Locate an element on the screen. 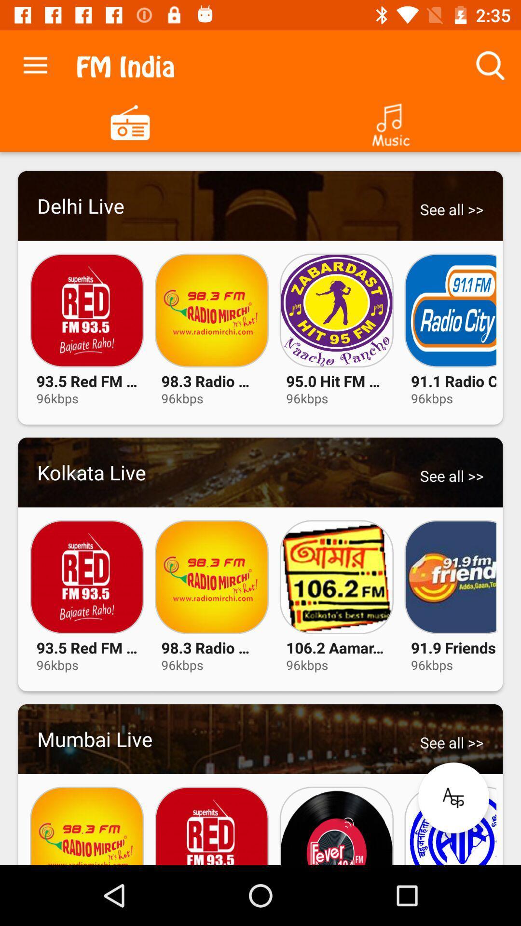  change the app language is located at coordinates (453, 798).